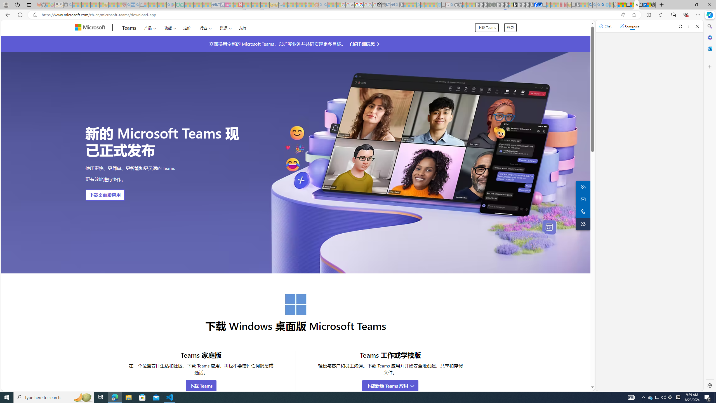 The height and width of the screenshot is (403, 716). What do you see at coordinates (397, 4) in the screenshot?
I see `'Bing Real Estate - Home sales and rental listings - Sleeping'` at bounding box center [397, 4].